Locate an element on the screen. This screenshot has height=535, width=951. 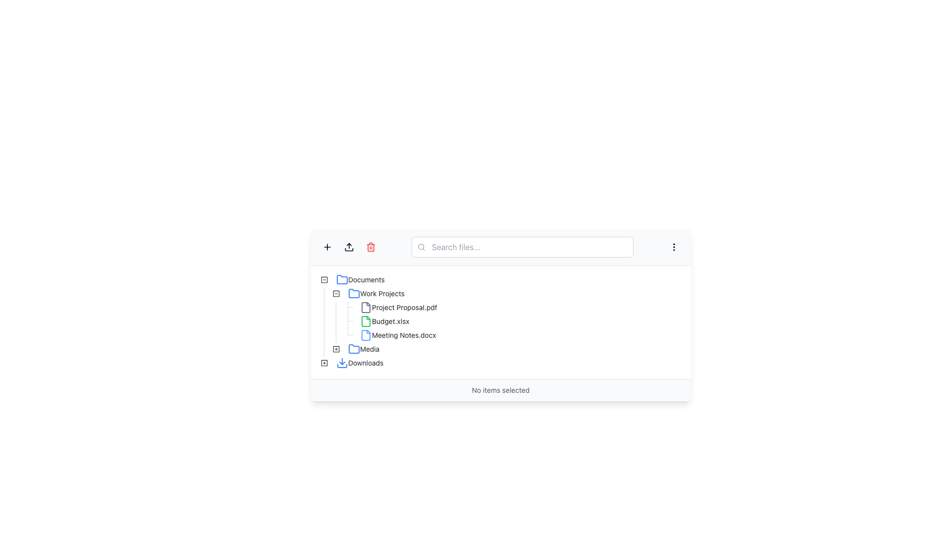
the 'Delete' button, which is the third icon in a horizontal group of three icons located in the top-right corner above the file navigation interface is located at coordinates (370, 246).